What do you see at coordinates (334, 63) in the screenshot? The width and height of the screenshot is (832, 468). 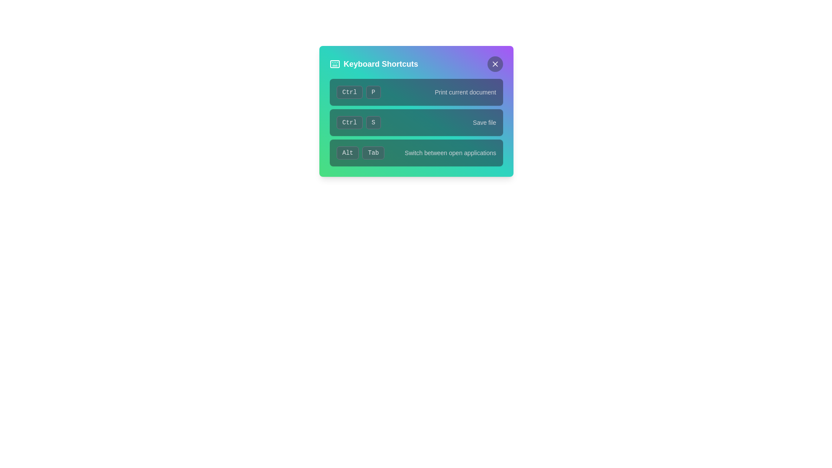 I see `the rectangular element with rounded corners representing a keyboard icon in the 'Keyboard Shortcuts' modal dialog` at bounding box center [334, 63].